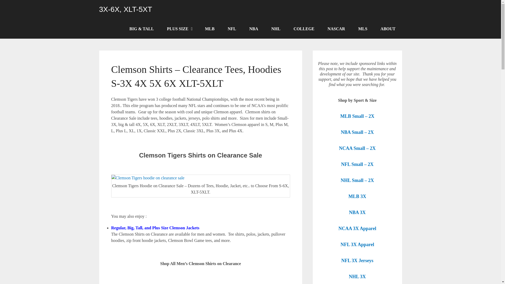 The width and height of the screenshot is (505, 284). What do you see at coordinates (357, 212) in the screenshot?
I see `'NBA 3X'` at bounding box center [357, 212].